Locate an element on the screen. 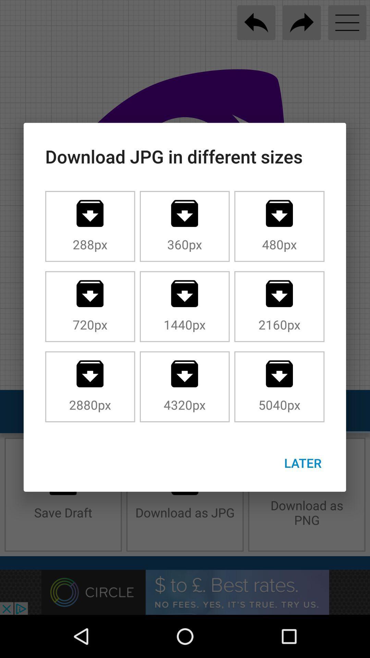  icon at the bottom right corner is located at coordinates (303, 463).